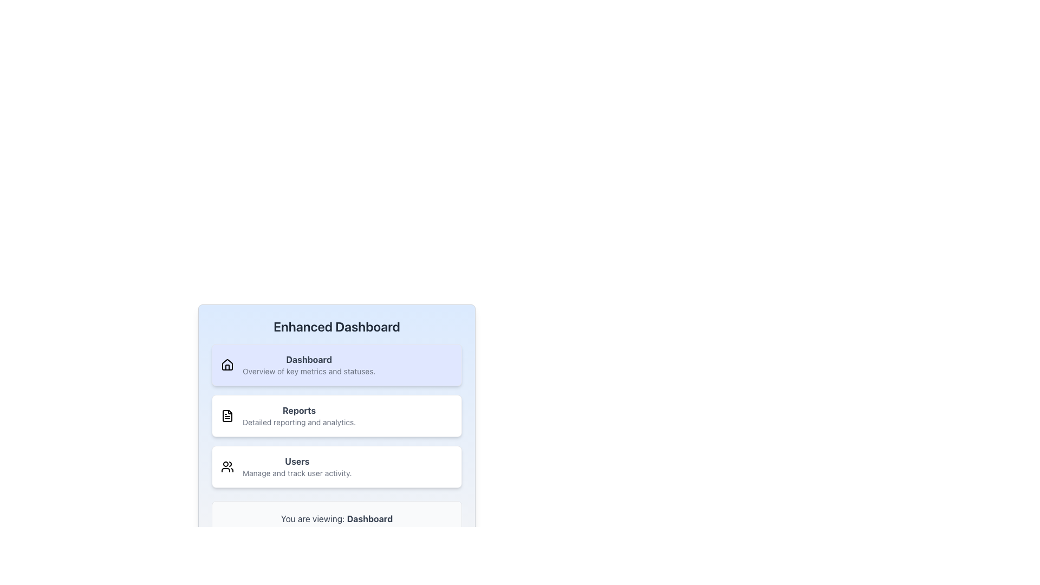 Image resolution: width=1040 pixels, height=585 pixels. I want to click on the user icon styled as a group of people, depicted with a circular design and overlapping silhouettes, located at the beginning of the third card labeled 'Users', so click(227, 466).